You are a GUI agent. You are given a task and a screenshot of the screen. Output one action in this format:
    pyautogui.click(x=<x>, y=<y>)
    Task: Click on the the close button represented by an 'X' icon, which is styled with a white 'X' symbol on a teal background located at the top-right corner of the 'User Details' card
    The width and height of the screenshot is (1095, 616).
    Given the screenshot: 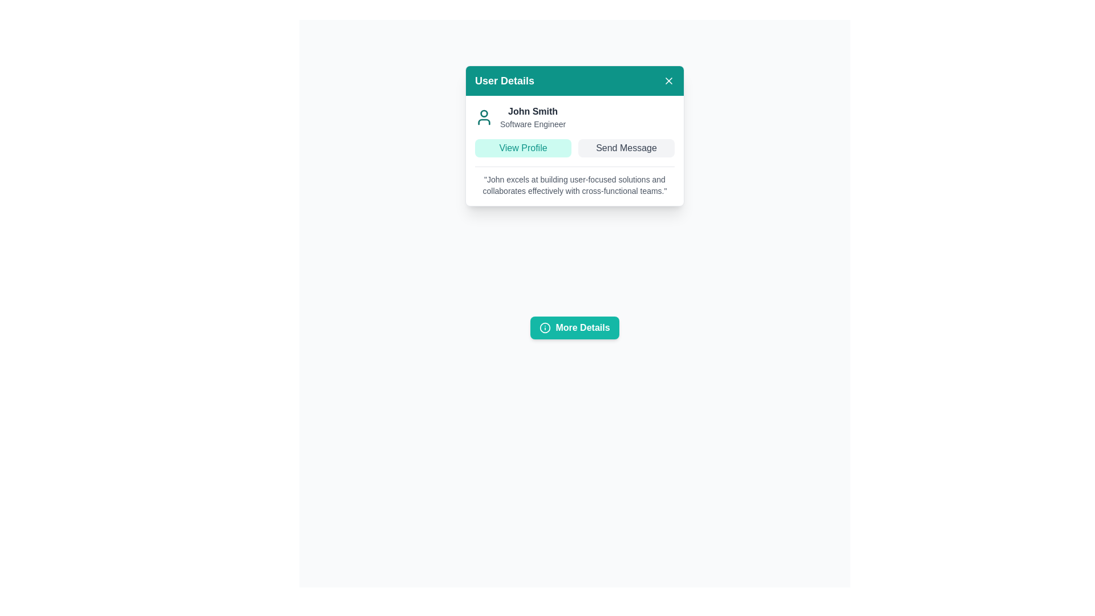 What is the action you would take?
    pyautogui.click(x=668, y=80)
    